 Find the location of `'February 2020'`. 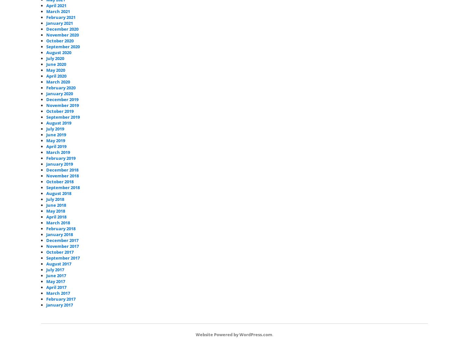

'February 2020' is located at coordinates (61, 87).